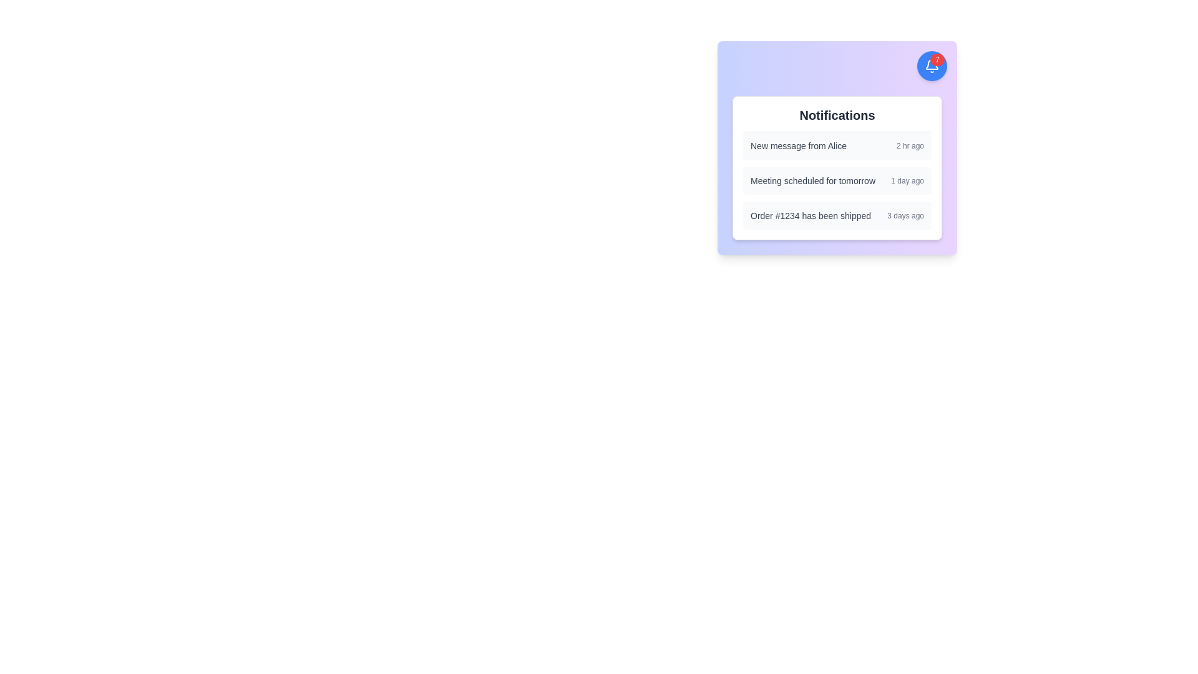 This screenshot has height=674, width=1198. What do you see at coordinates (837, 180) in the screenshot?
I see `the second notification item in the notification widget that informs about a scheduled meeting, located between 'New message from Alice' and 'Order #1234 has been shipped'` at bounding box center [837, 180].